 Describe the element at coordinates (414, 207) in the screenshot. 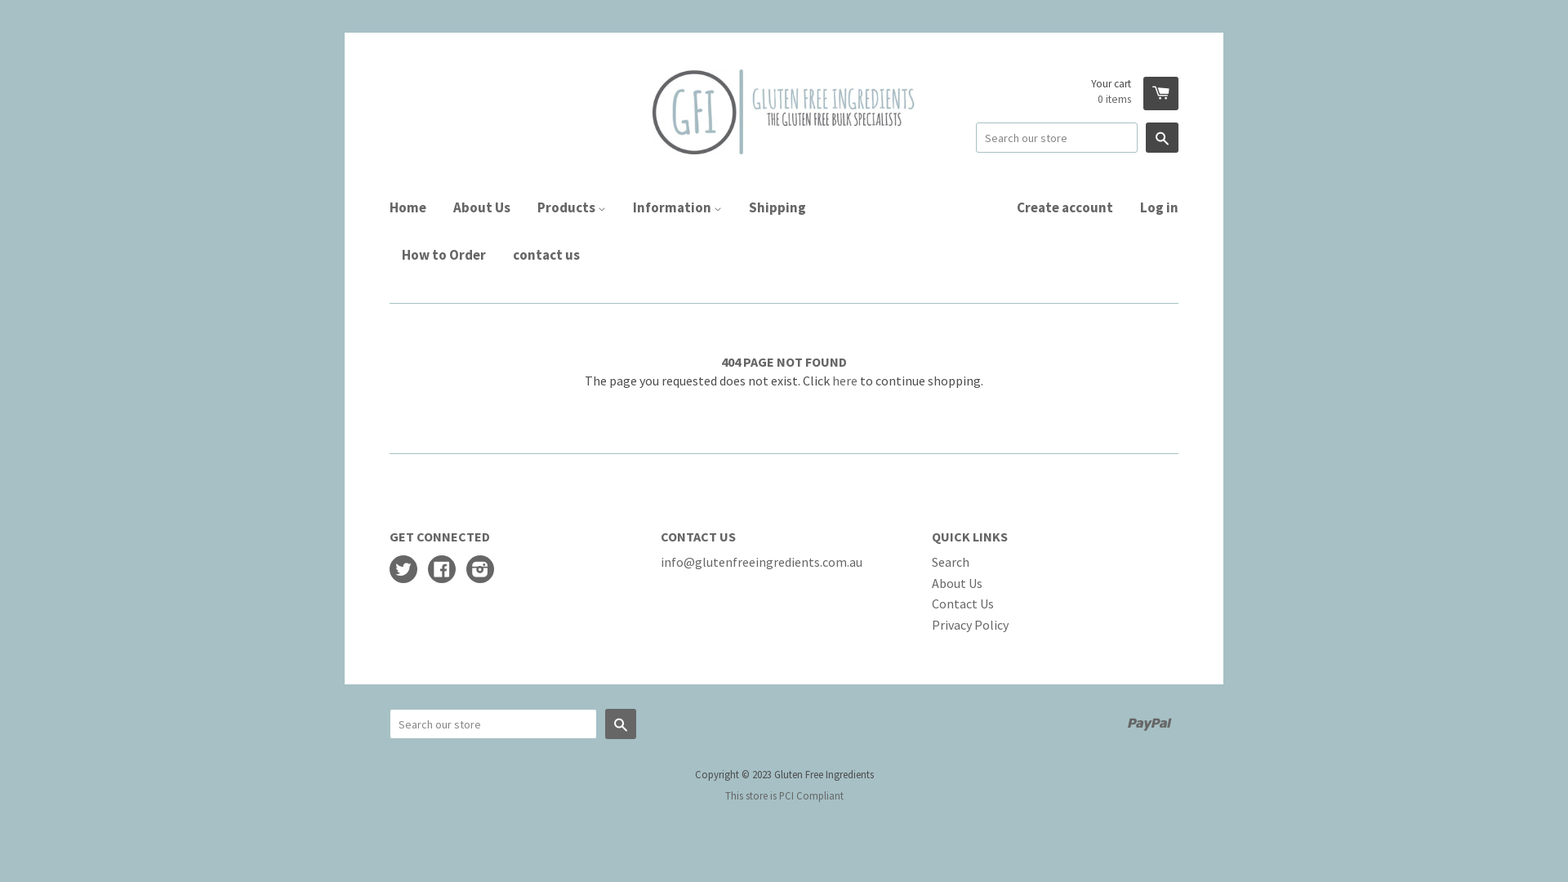

I see `'Home'` at that location.